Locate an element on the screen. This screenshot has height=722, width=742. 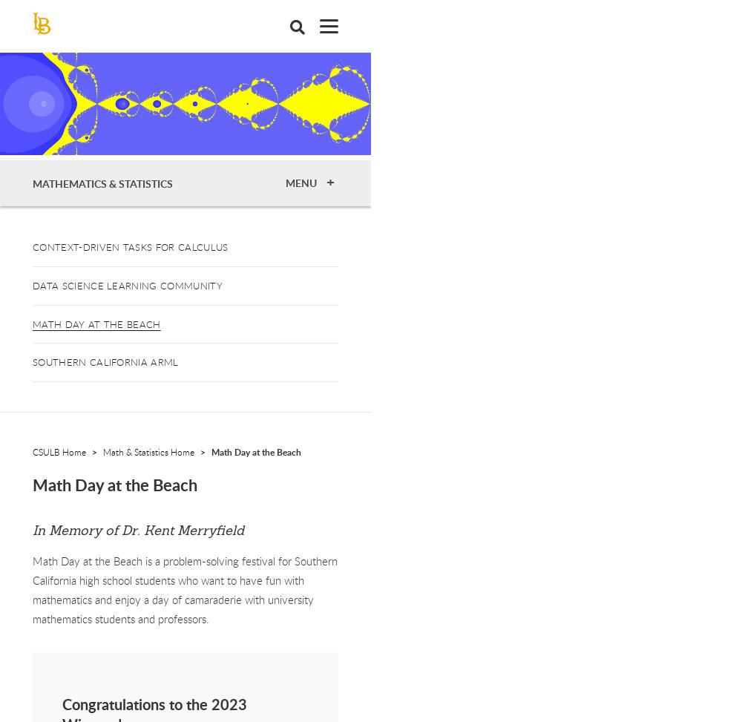
'Mathematics & Statistics' is located at coordinates (102, 183).